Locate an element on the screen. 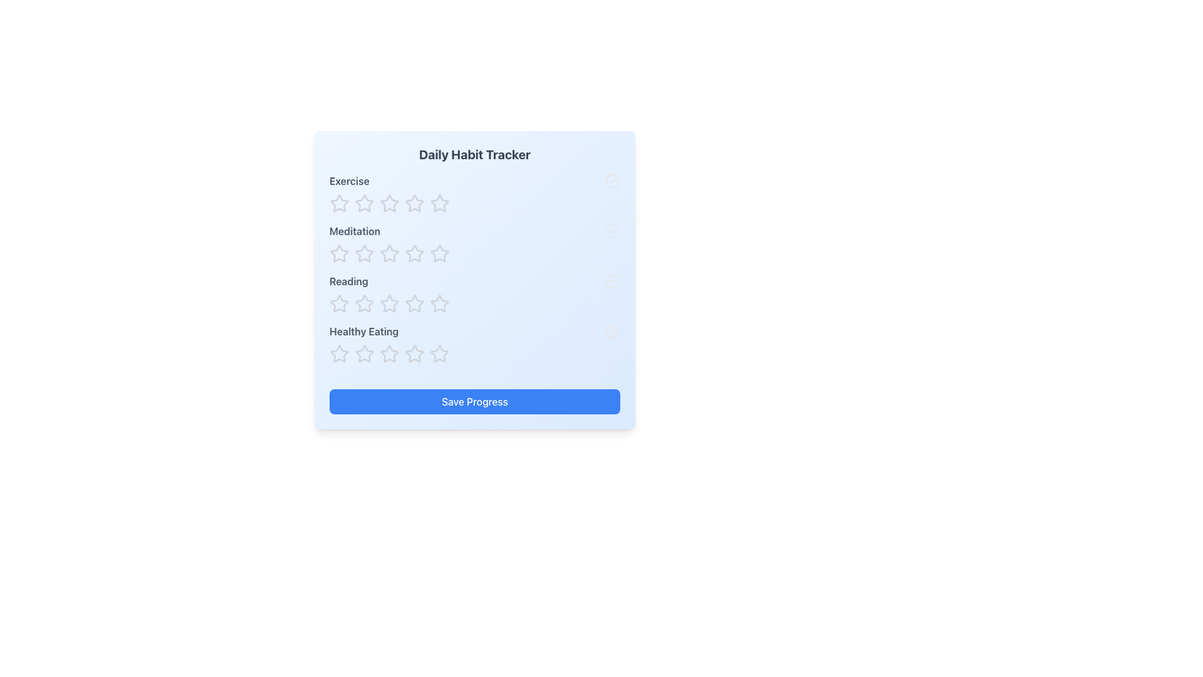  the third star-shaped interactive button used for rating in the 'Healthy Eating' section of the UI is located at coordinates (363, 354).